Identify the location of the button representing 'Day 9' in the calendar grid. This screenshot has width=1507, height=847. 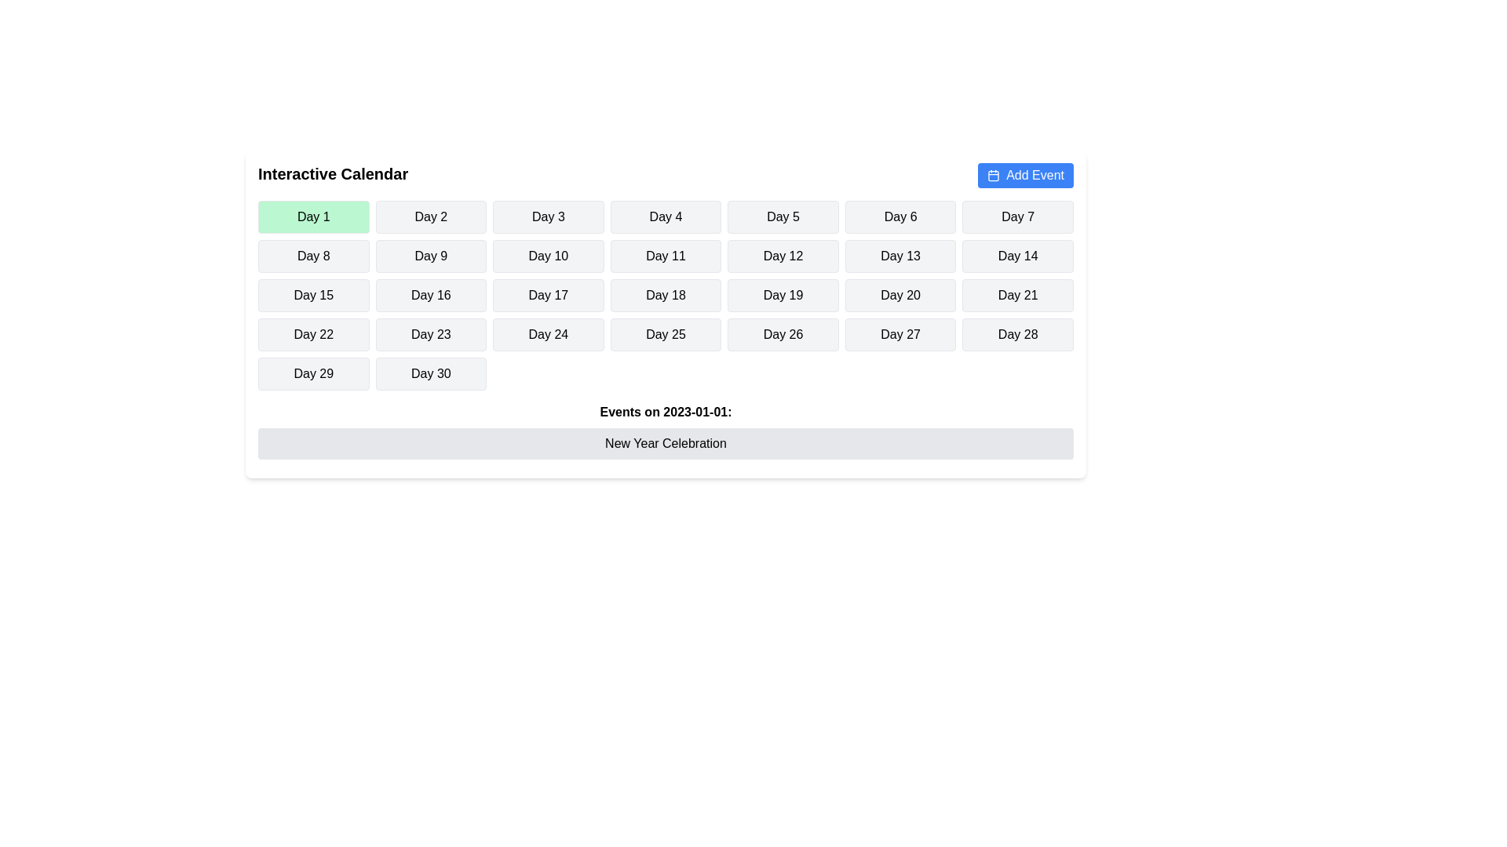
(431, 256).